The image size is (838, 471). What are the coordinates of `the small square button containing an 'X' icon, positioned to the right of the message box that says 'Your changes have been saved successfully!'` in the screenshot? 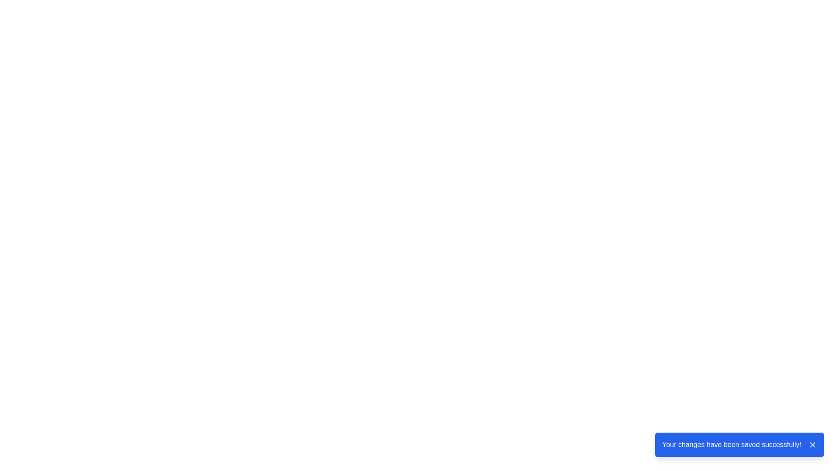 It's located at (812, 444).